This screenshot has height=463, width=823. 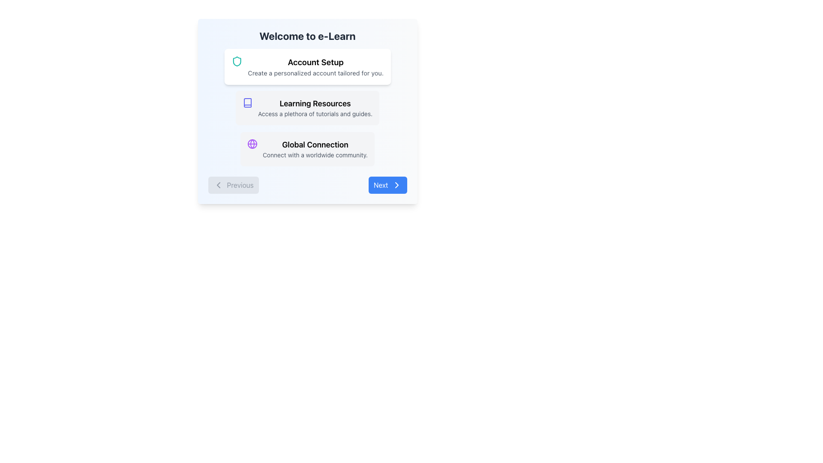 I want to click on informational text description that invites users to explore tutorials and guides, located centrally within a card and second in a vertical list of options, so click(x=315, y=107).